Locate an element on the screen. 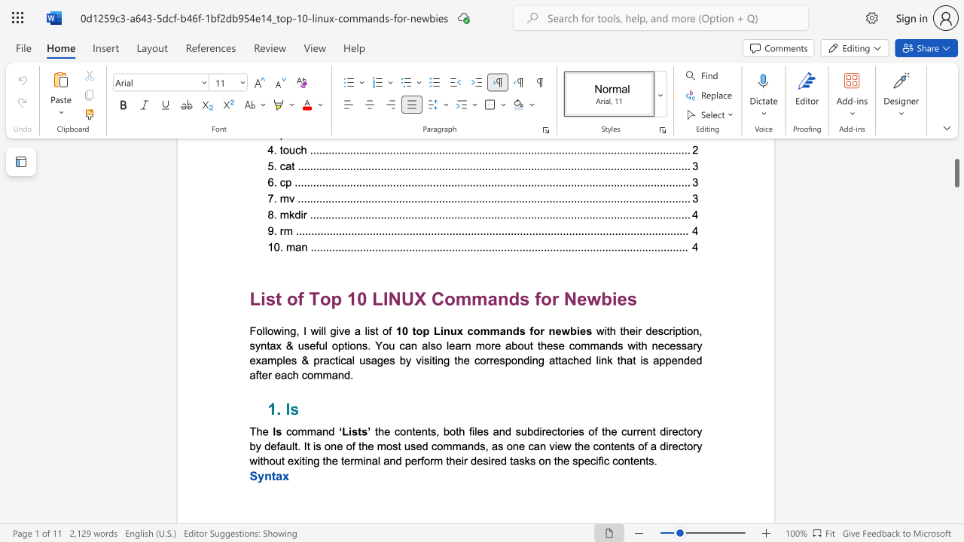 This screenshot has height=542, width=964. the subset text "il" within the text "Following, I will give a list of" is located at coordinates (318, 330).